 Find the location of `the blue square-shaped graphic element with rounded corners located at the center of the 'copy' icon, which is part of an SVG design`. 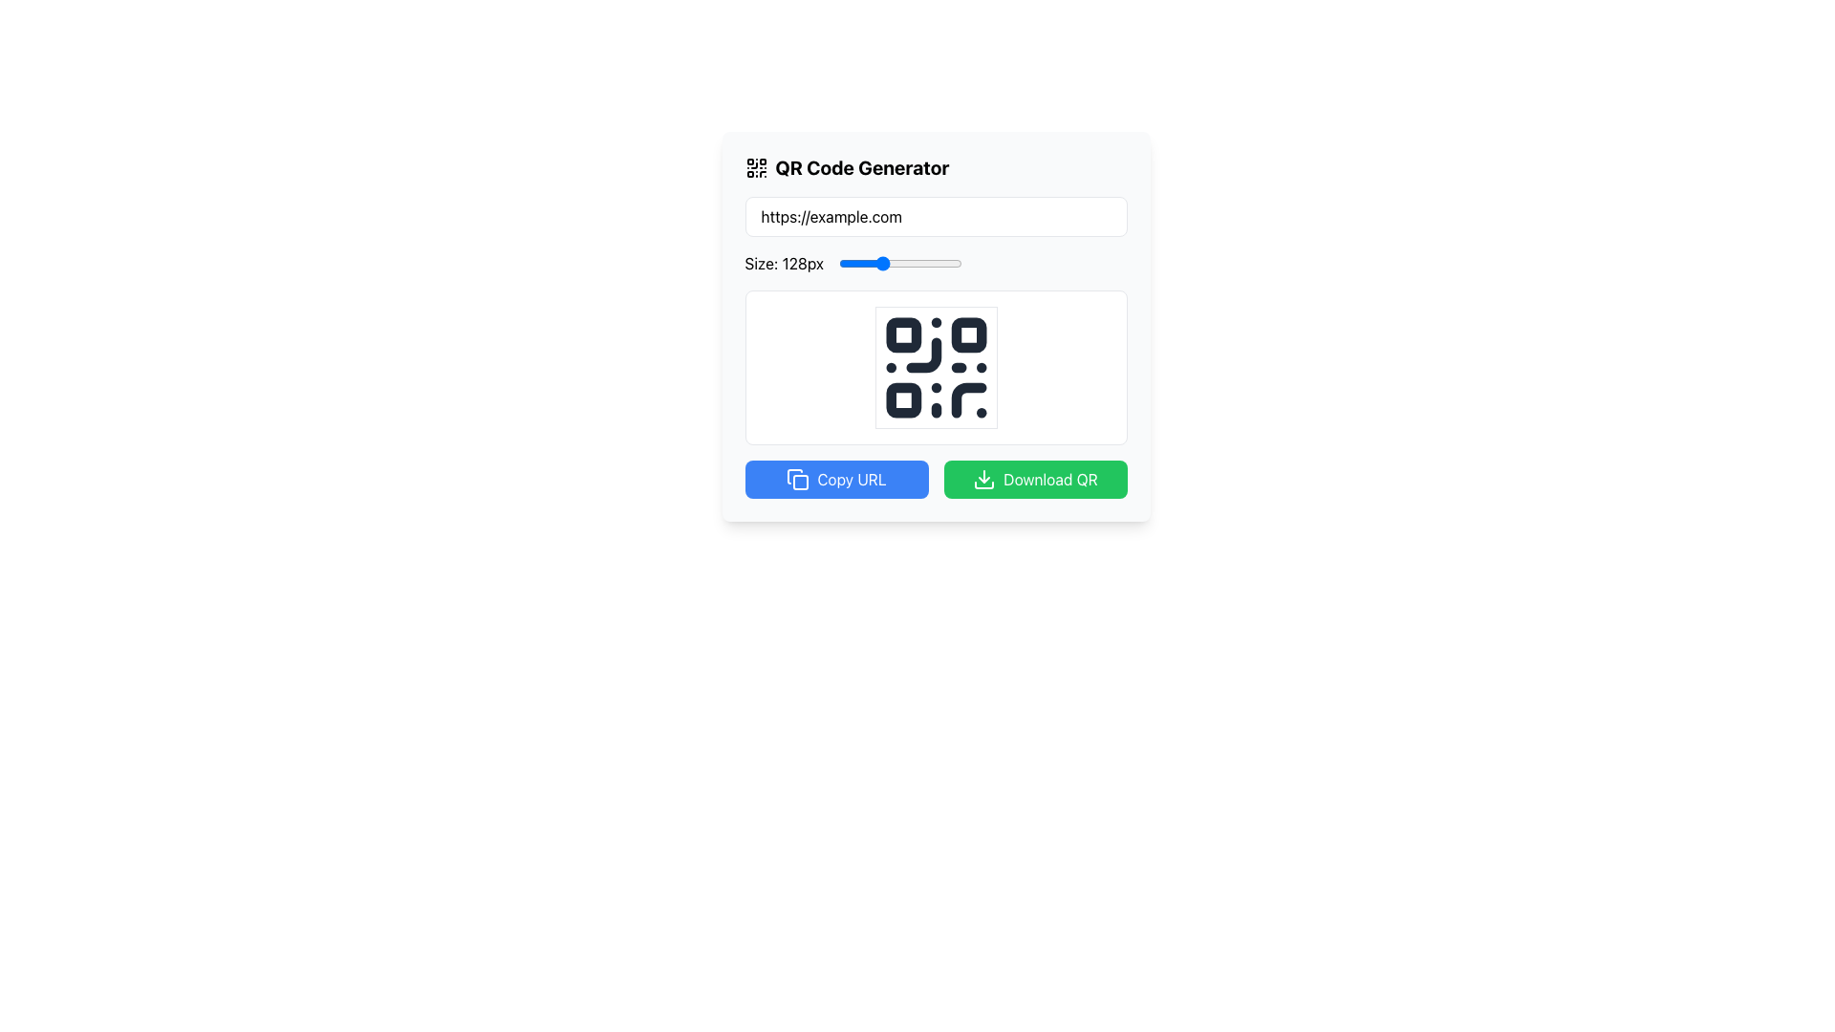

the blue square-shaped graphic element with rounded corners located at the center of the 'copy' icon, which is part of an SVG design is located at coordinates (801, 482).